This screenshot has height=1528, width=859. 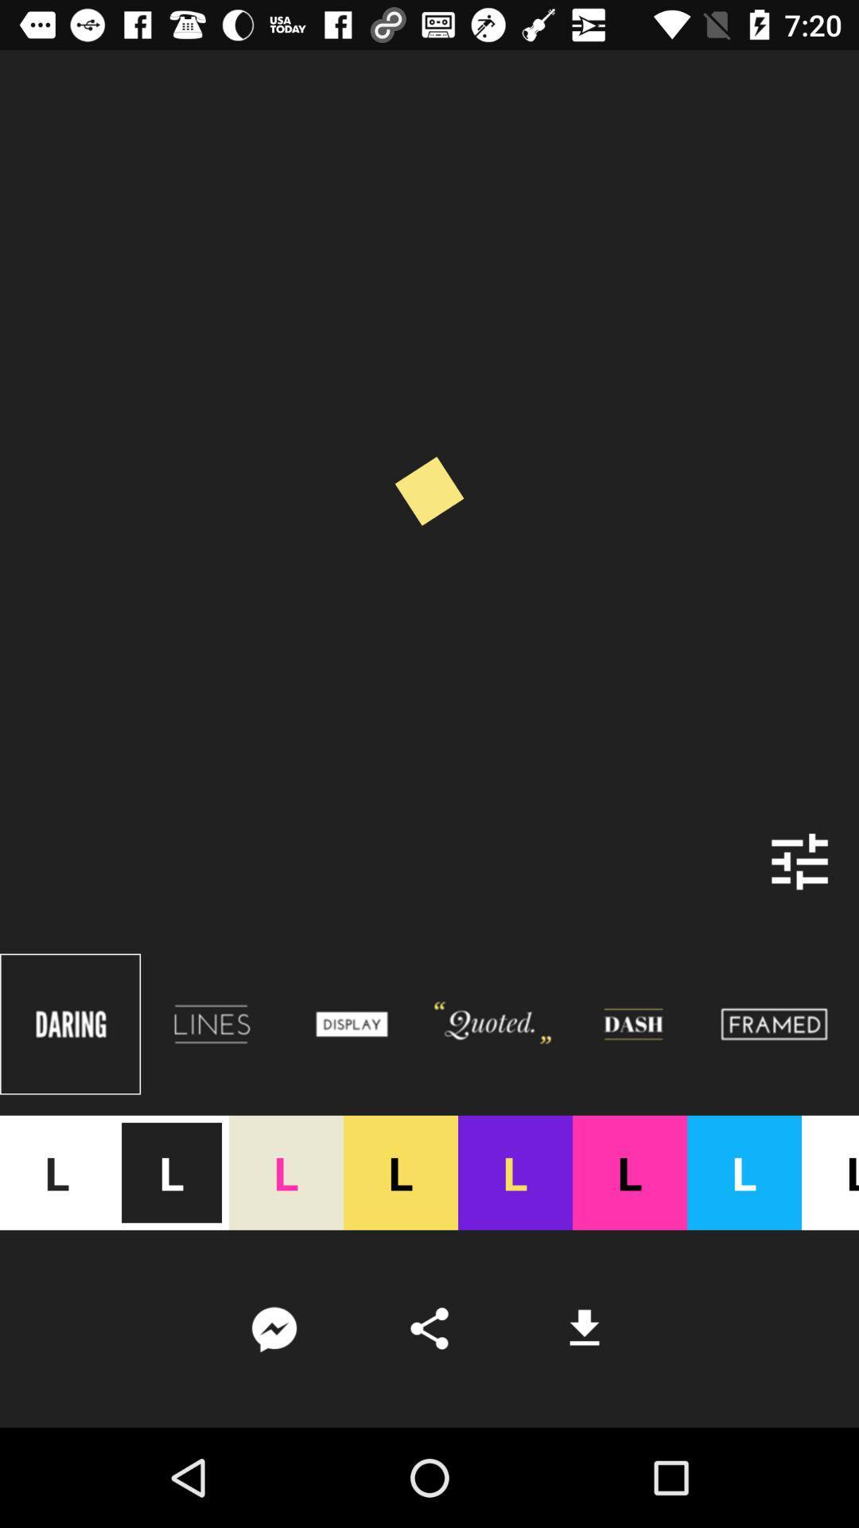 What do you see at coordinates (800, 861) in the screenshot?
I see `the sliders icon` at bounding box center [800, 861].